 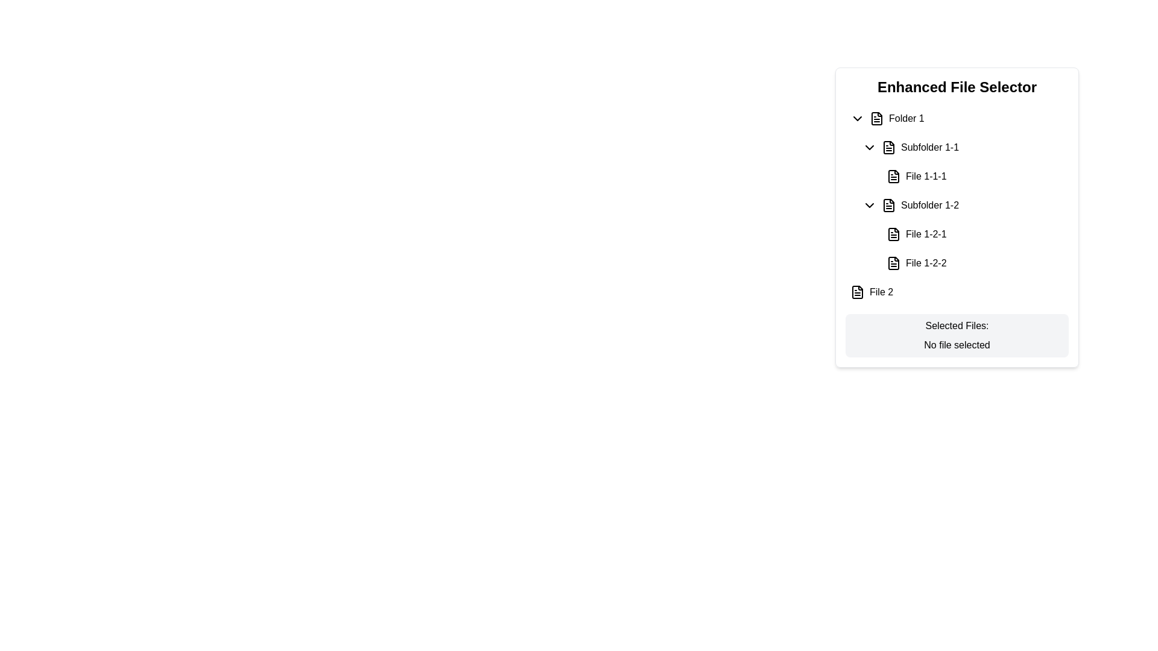 I want to click on the document icon SVG element located to the left of the 'File 2' label in the file selector interface, so click(x=856, y=292).